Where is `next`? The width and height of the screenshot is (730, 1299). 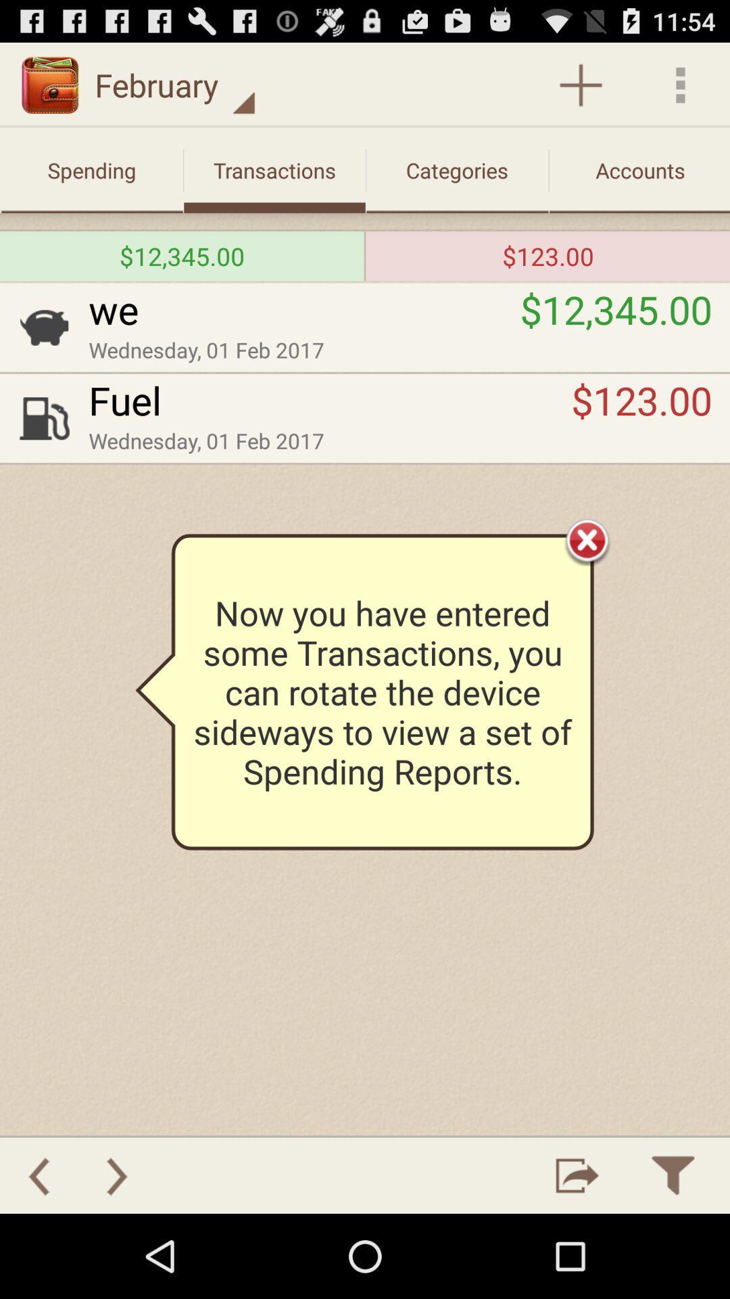
next is located at coordinates (116, 1175).